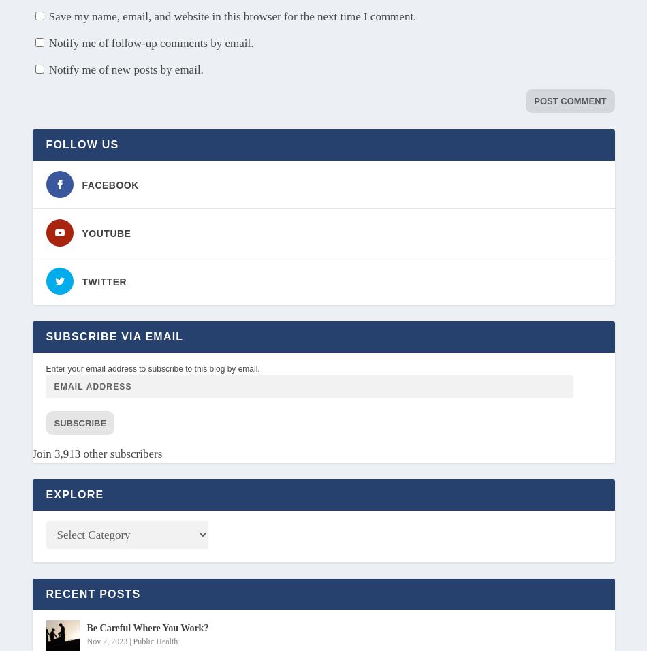 Image resolution: width=647 pixels, height=651 pixels. I want to click on 'Nov 2, 2023', so click(107, 640).